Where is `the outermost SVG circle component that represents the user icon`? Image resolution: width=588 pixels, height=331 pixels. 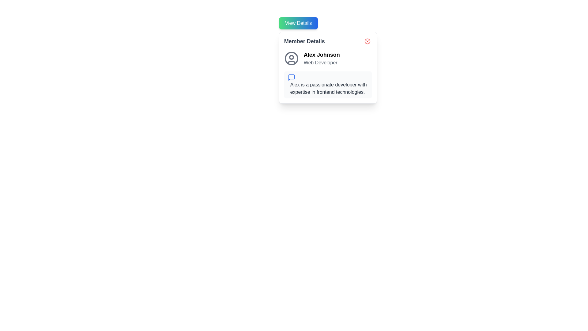 the outermost SVG circle component that represents the user icon is located at coordinates (291, 59).